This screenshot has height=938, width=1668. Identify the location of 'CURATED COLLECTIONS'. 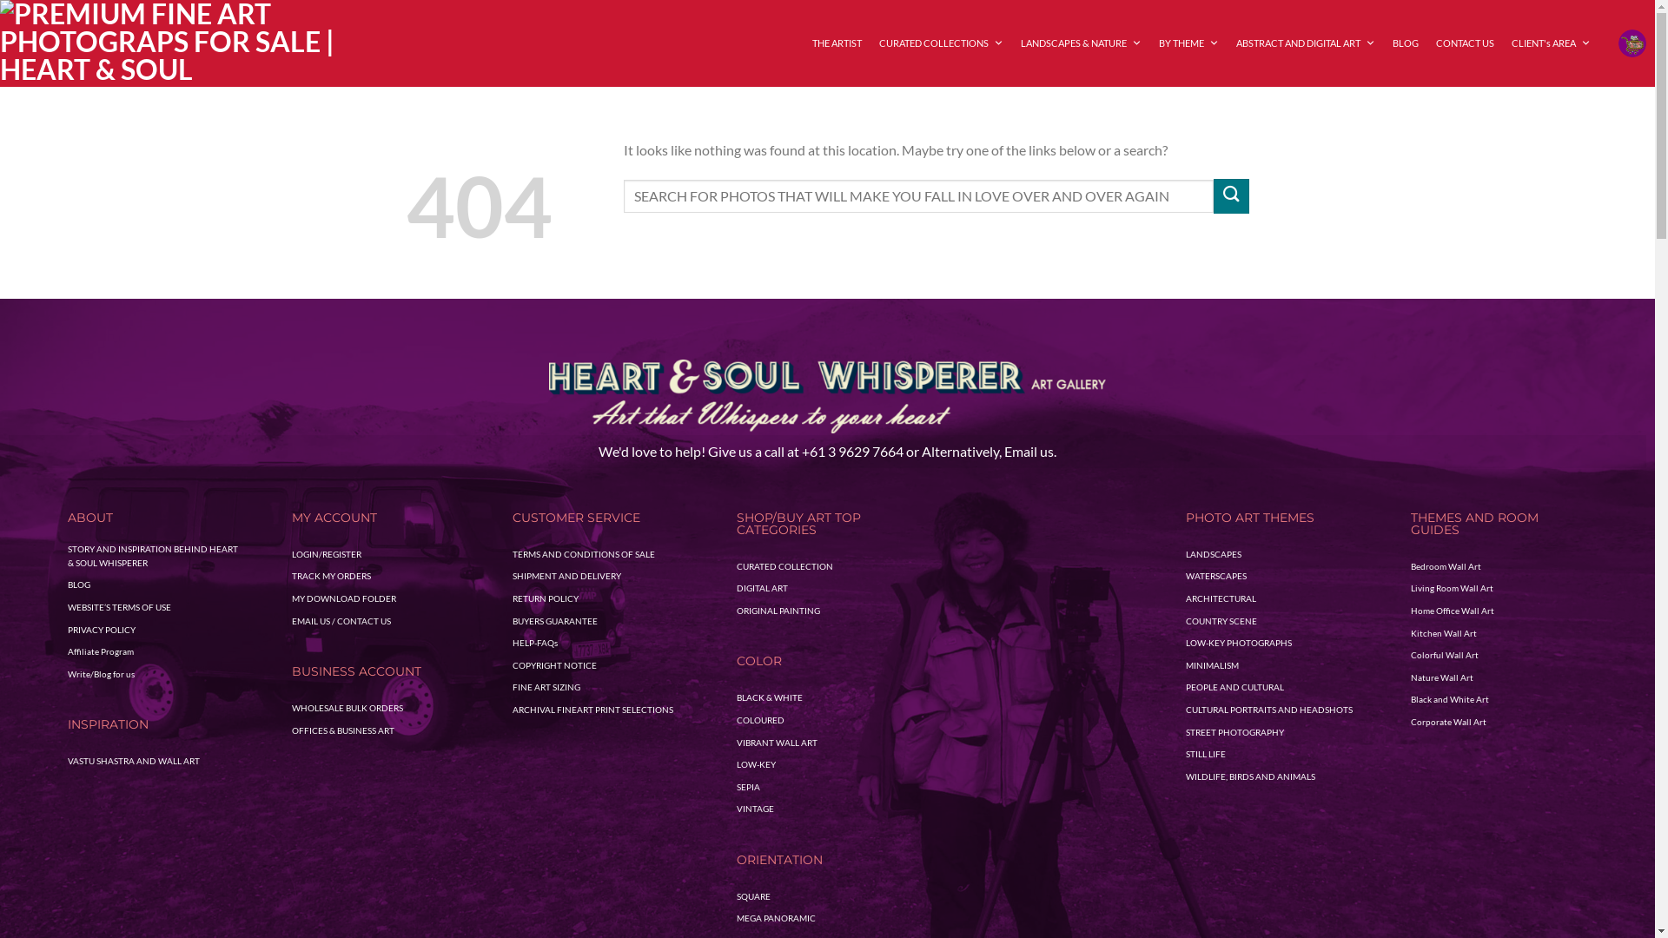
(940, 43).